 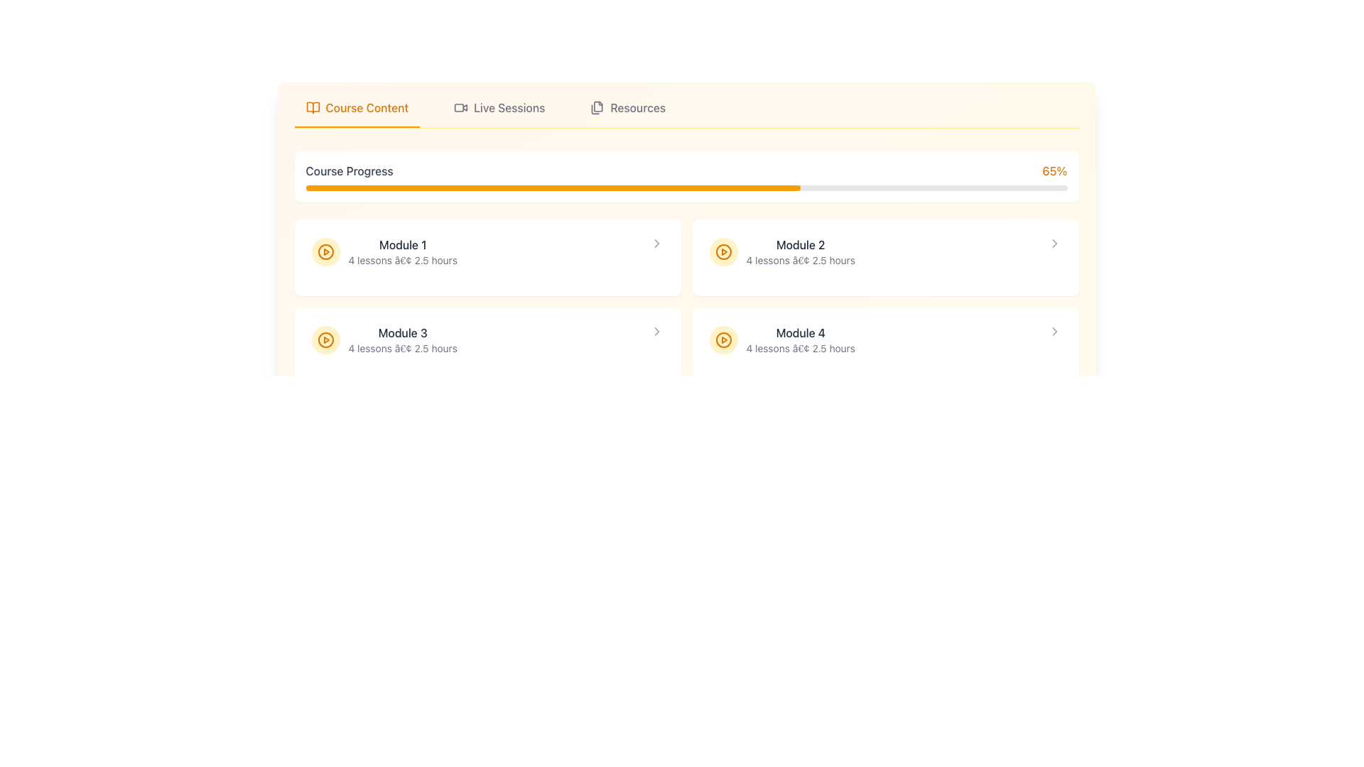 I want to click on the open book icon located to the left of the 'Course Content' tab heading, so click(x=312, y=107).